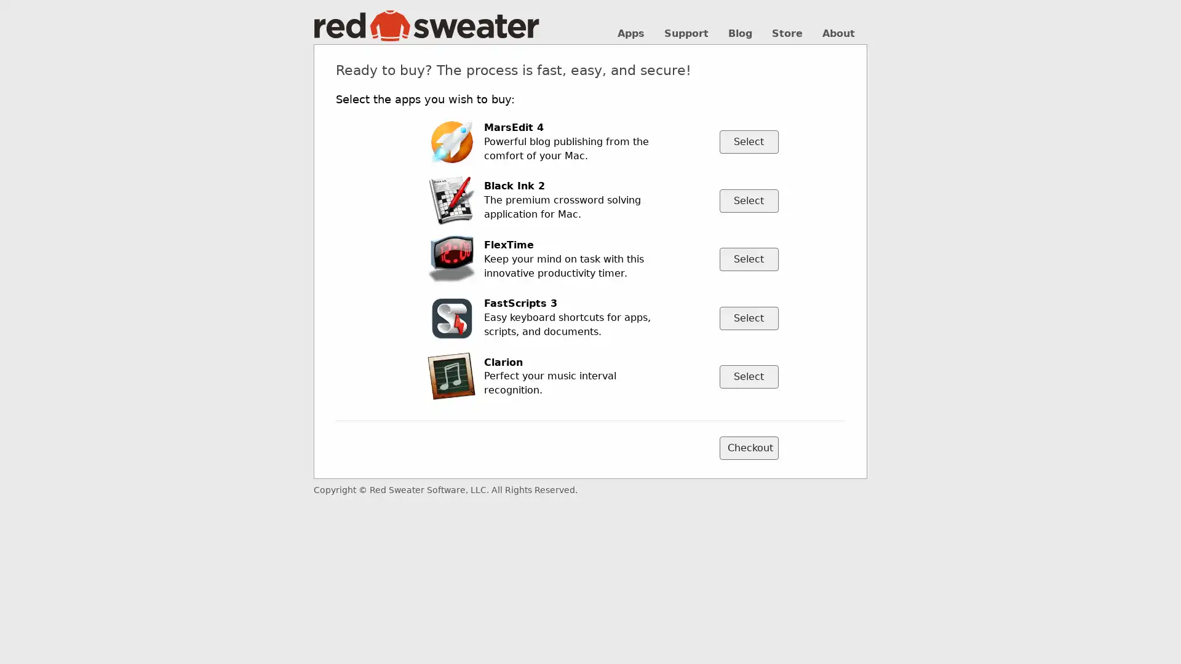 This screenshot has height=664, width=1181. What do you see at coordinates (748, 141) in the screenshot?
I see `Select` at bounding box center [748, 141].